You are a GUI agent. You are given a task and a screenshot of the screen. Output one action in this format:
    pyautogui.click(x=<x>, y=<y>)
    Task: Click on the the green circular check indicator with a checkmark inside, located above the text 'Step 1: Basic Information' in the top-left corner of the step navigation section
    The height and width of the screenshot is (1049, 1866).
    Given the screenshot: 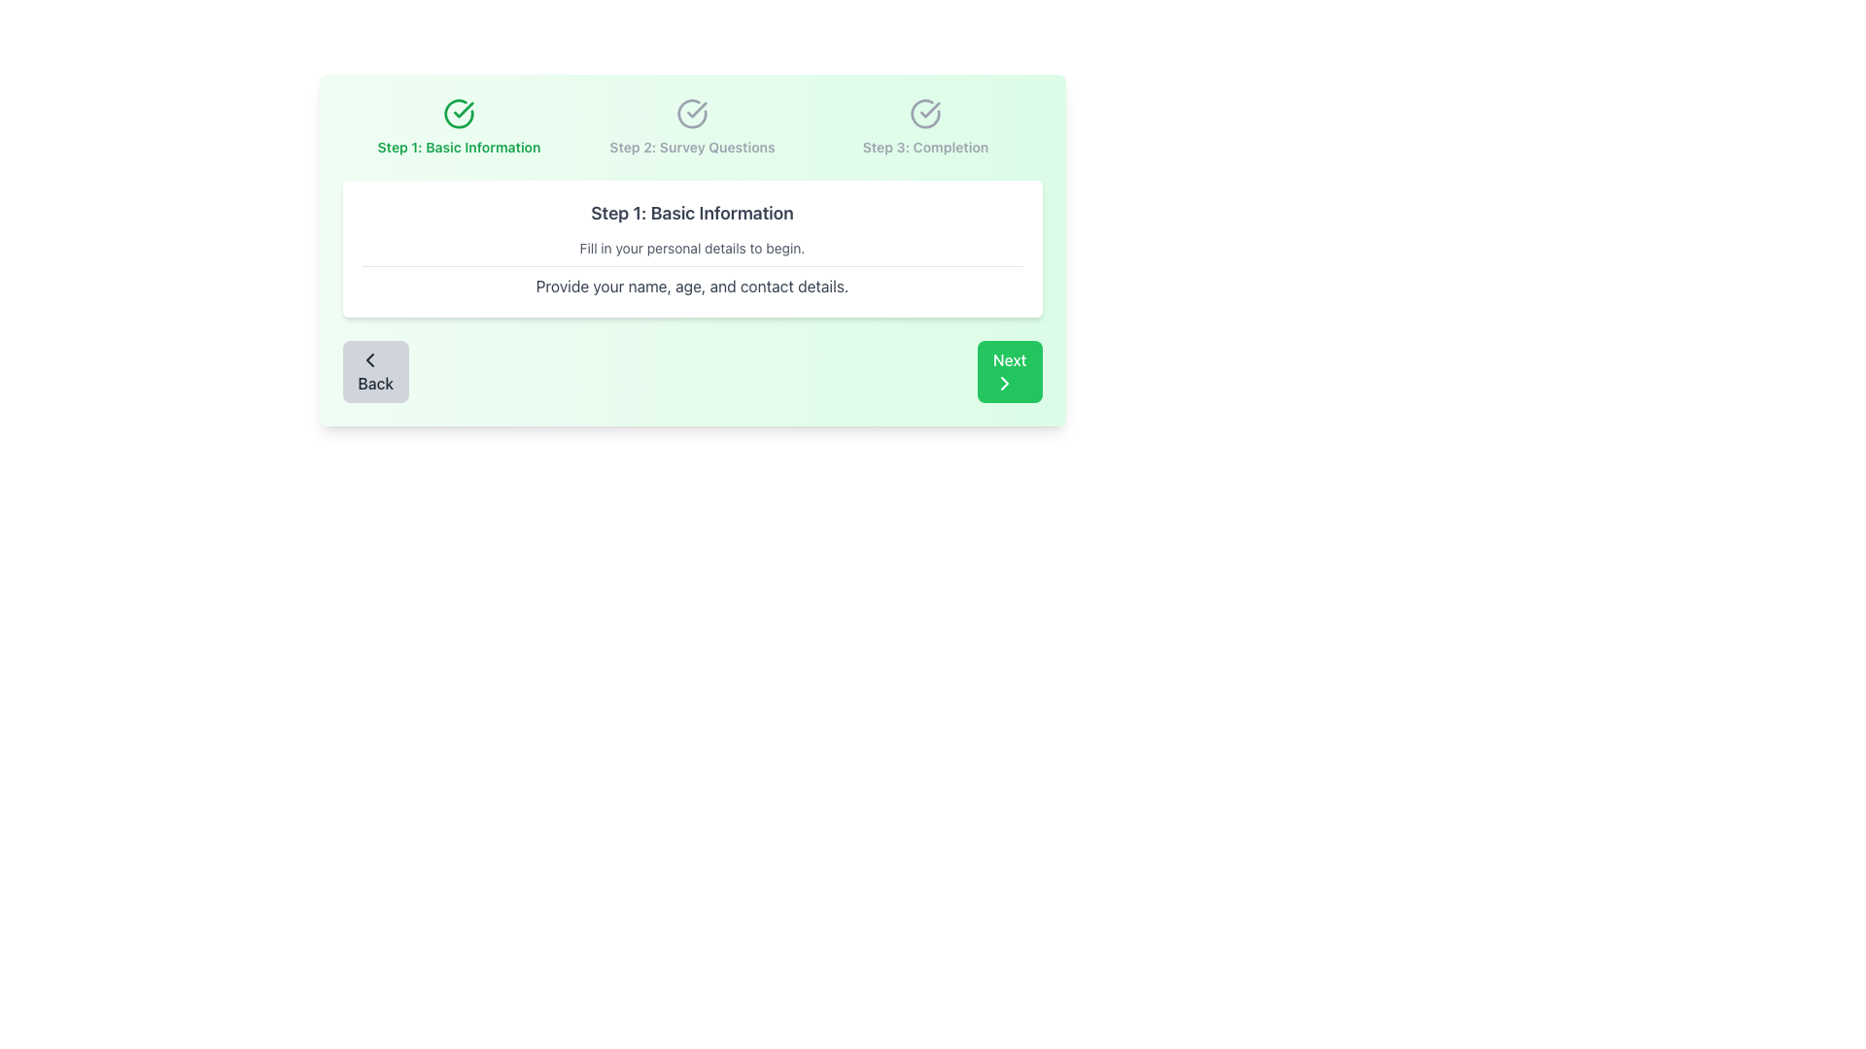 What is the action you would take?
    pyautogui.click(x=458, y=114)
    